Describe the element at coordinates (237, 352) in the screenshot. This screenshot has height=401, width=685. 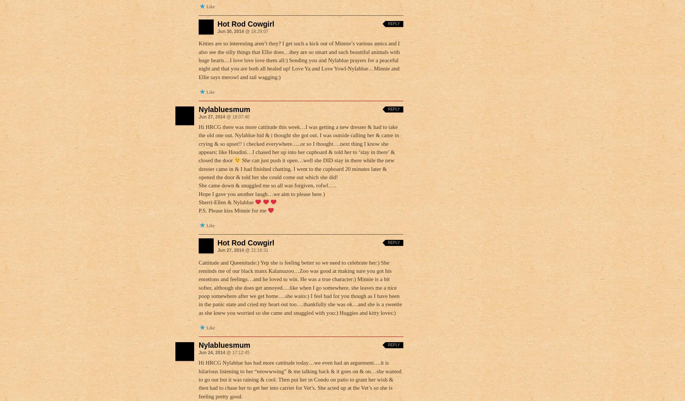
I see `'@ 17:12:45'` at that location.